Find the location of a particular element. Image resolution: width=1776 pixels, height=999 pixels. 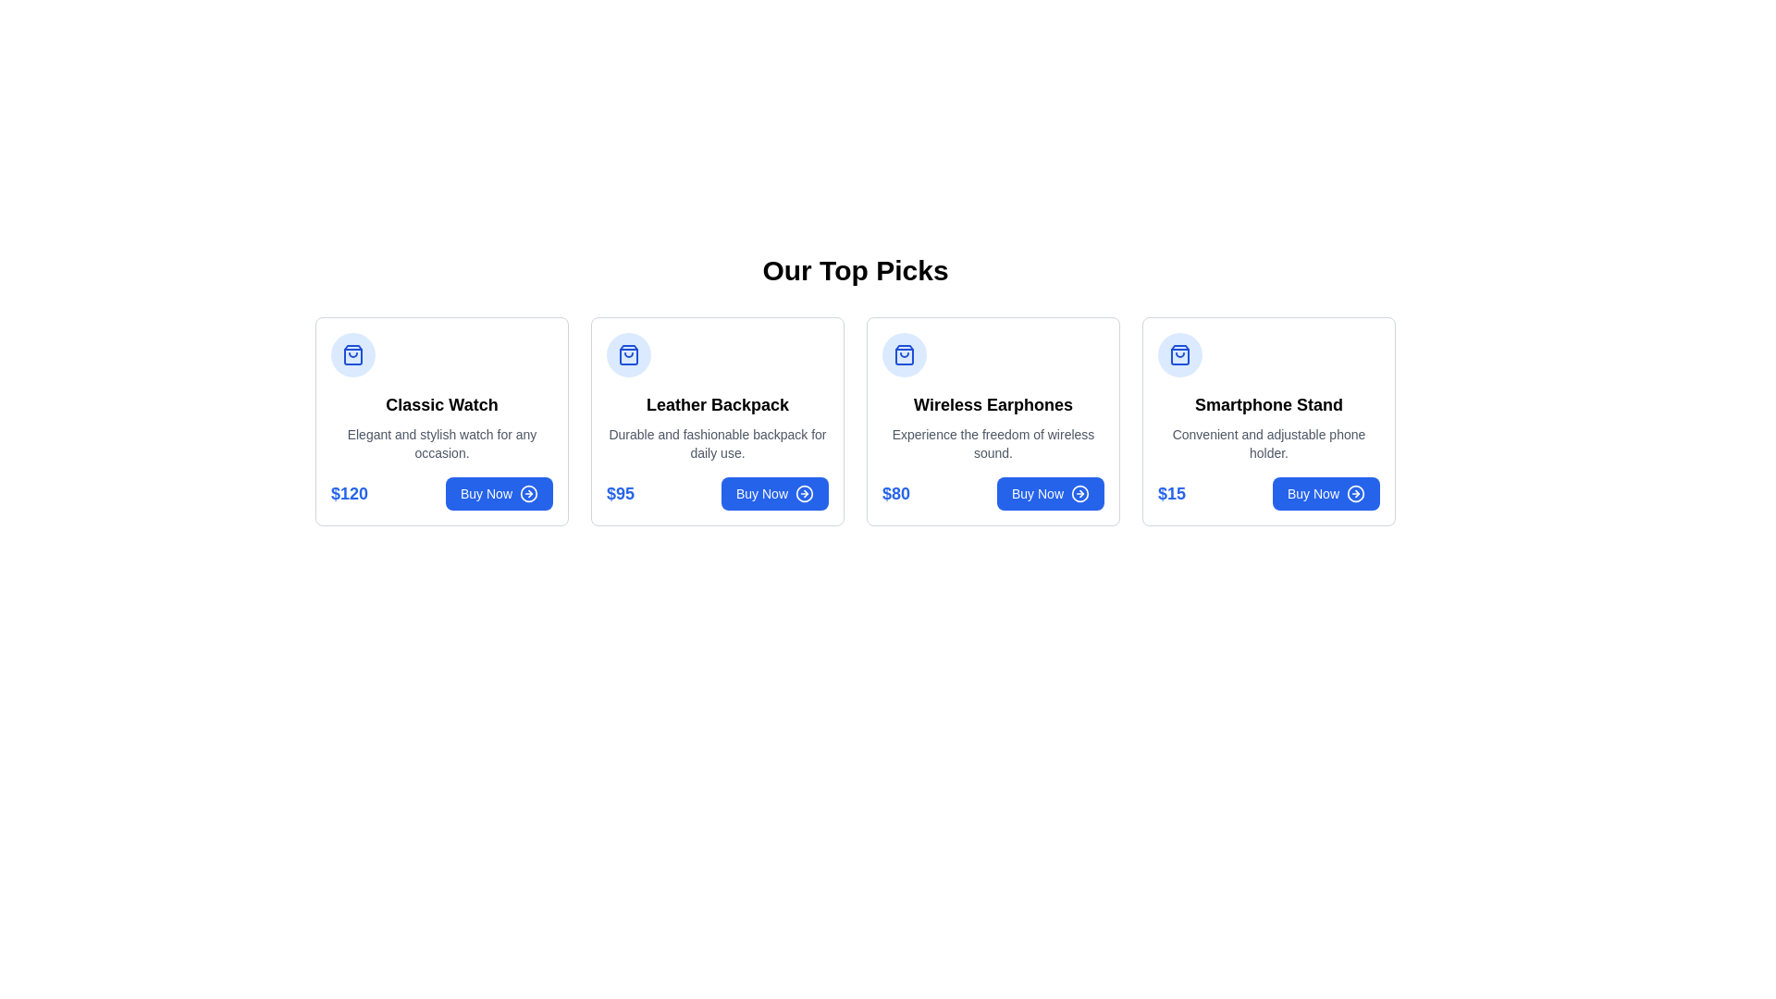

the icon representing the 'Leather Backpack' product category, located at the top-center of the second card in a list of four cards is located at coordinates (629, 355).